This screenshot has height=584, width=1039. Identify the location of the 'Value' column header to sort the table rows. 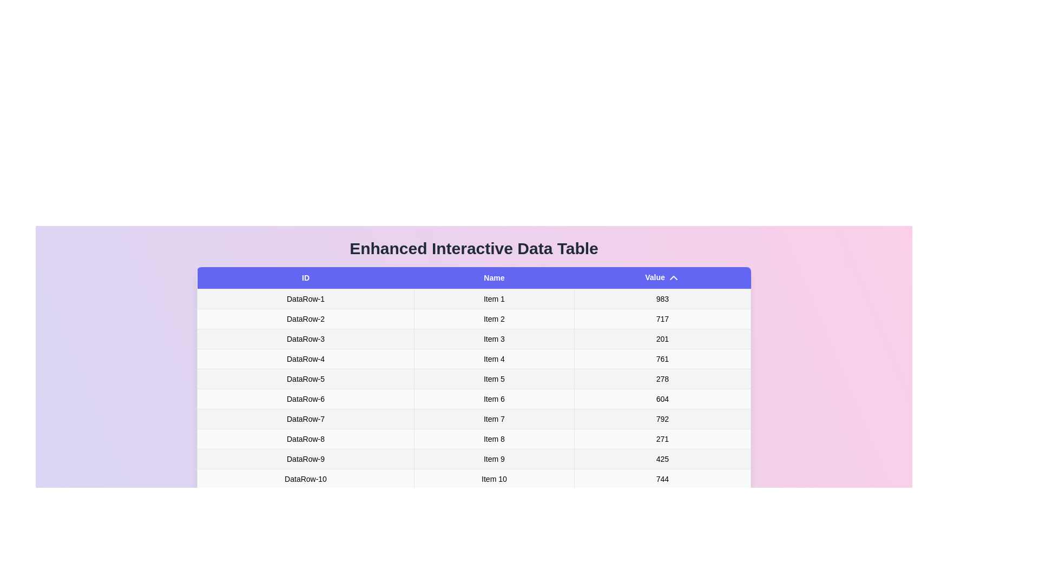
(662, 277).